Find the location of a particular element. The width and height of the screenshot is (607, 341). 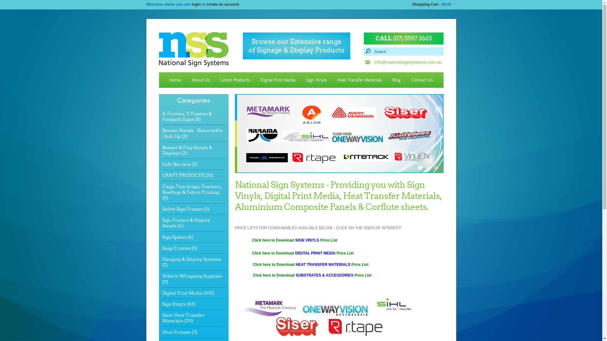

'SUBSTRATES & ACCESSORIES' is located at coordinates (324, 275).